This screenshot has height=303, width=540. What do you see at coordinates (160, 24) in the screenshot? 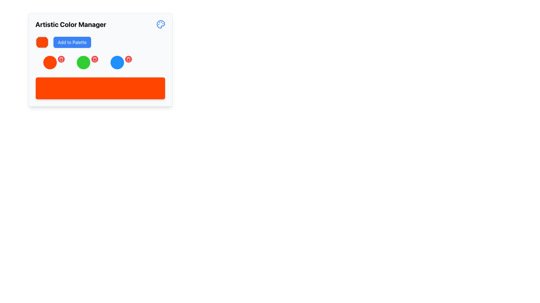
I see `the Decorative Icon, which is a circular painter's palette design with colored paint blobs, located in the top-right corner of the 'Artistic Color Manager' card` at bounding box center [160, 24].